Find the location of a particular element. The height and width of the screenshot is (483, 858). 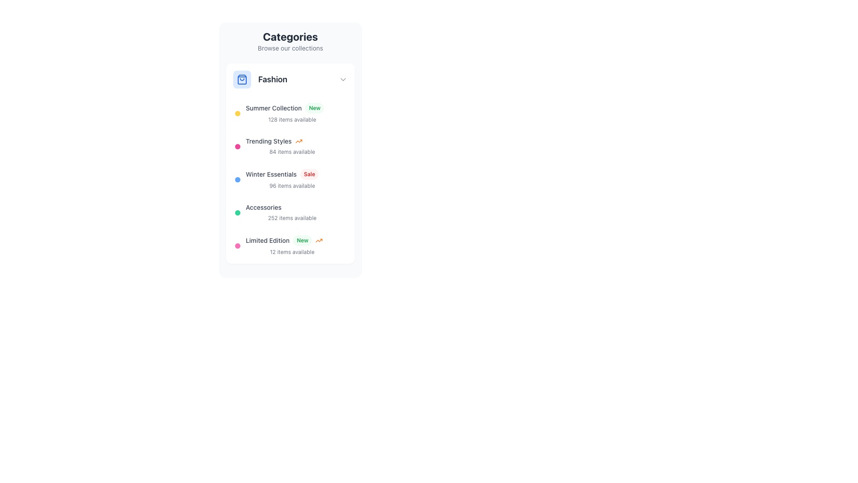

the list item labeled 'Winter Essentials' which includes a 'Sale' badge and subtext '96 items available' is located at coordinates (290, 179).